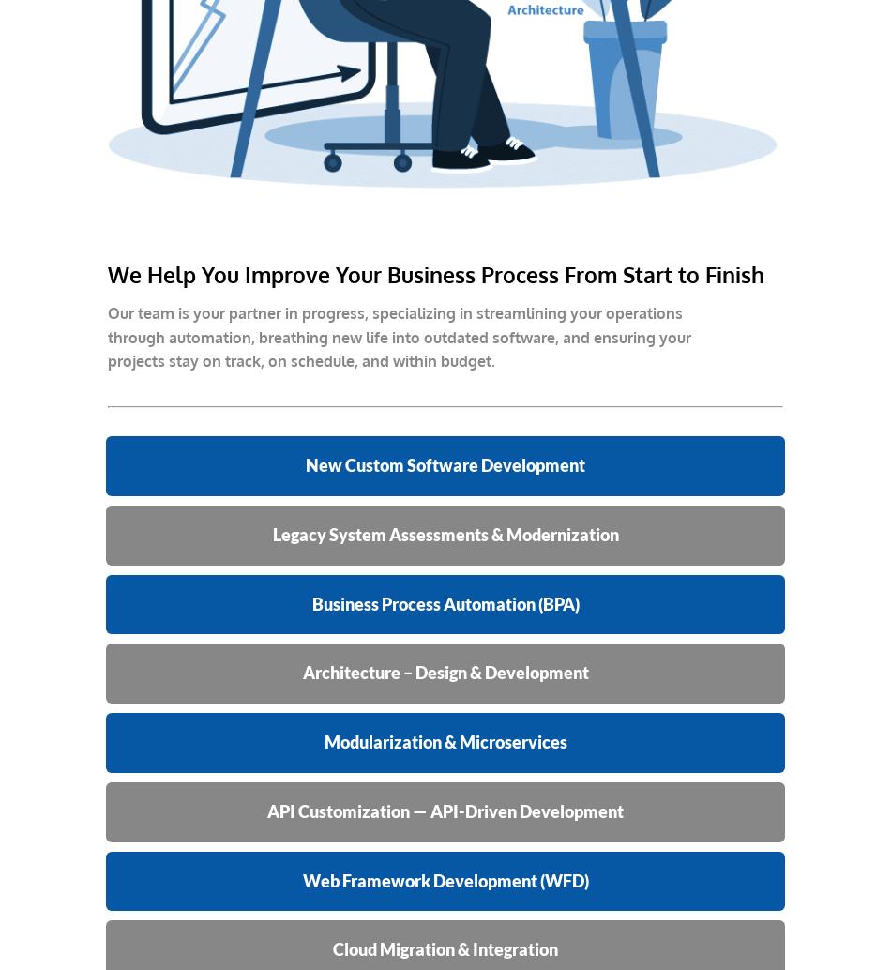  What do you see at coordinates (398, 336) in the screenshot?
I see `'Our team is your partner in progress, specializing in streamlining your operations through automation, breathing new life into outdated software, and ensuring your projects stay on track, on schedule, and within budget.'` at bounding box center [398, 336].